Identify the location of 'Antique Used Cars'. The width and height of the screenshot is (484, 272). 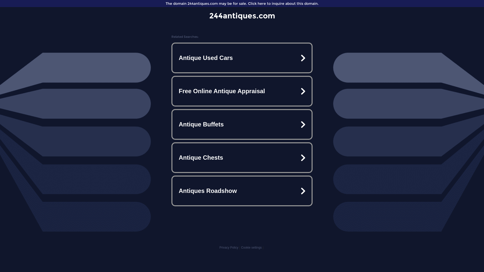
(242, 58).